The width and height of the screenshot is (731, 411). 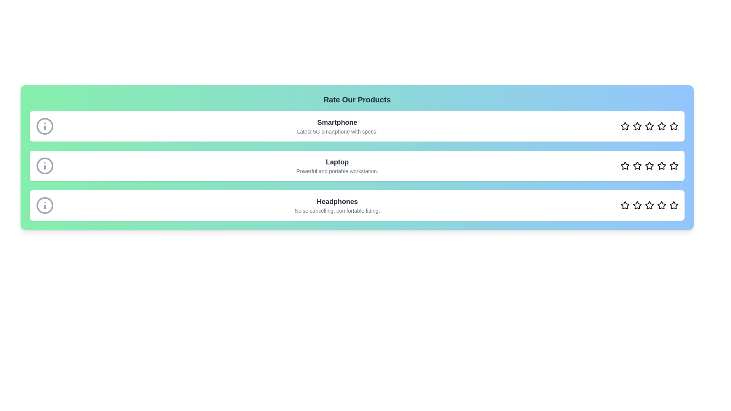 What do you see at coordinates (661, 165) in the screenshot?
I see `the fifth star in the interactive star rating component for the 'Laptop' product` at bounding box center [661, 165].